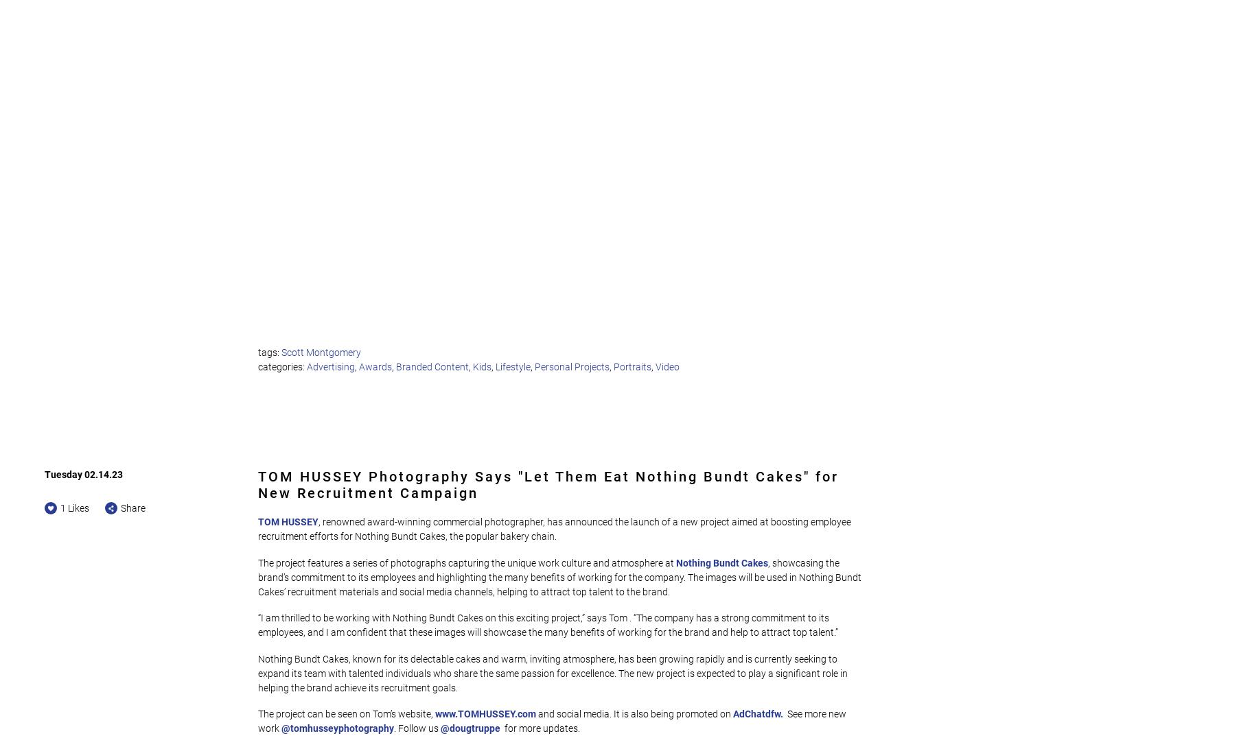 The image size is (1239, 738). I want to click on 'www.TOMHUSSEY.com', so click(485, 714).